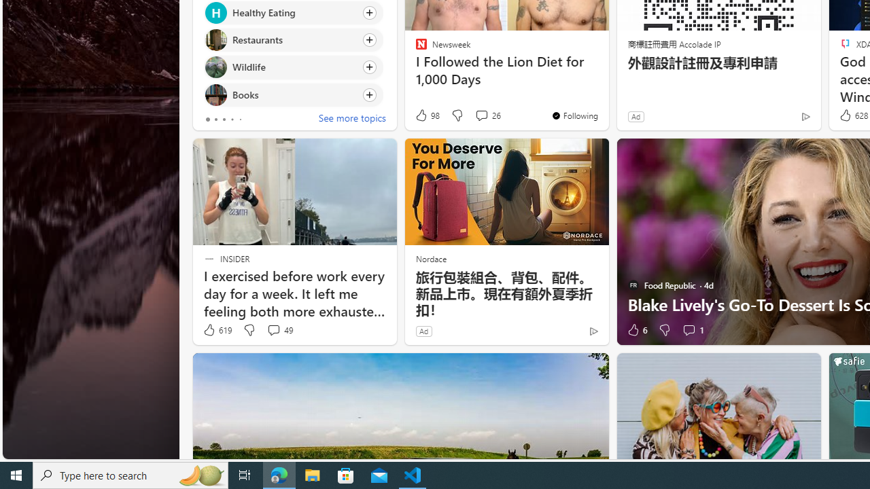 The image size is (870, 489). What do you see at coordinates (481, 114) in the screenshot?
I see `'View comments 26 Comment'` at bounding box center [481, 114].